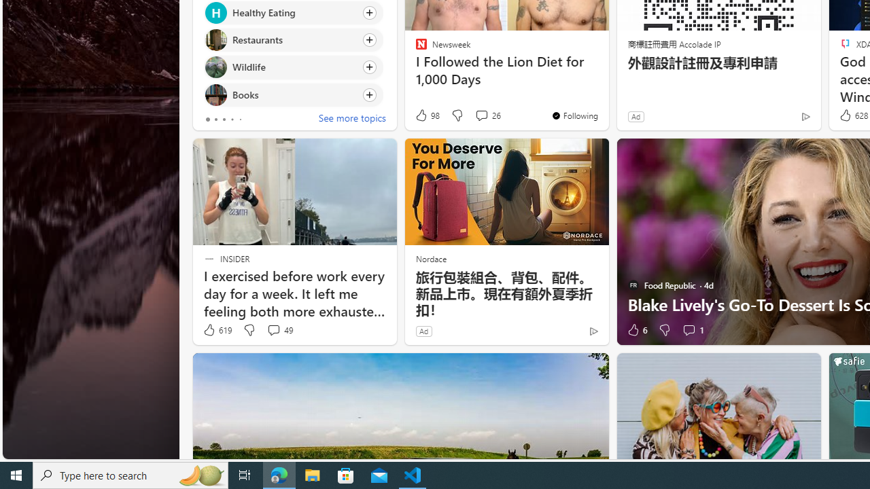 The image size is (870, 489). What do you see at coordinates (481, 114) in the screenshot?
I see `'View comments 26 Comment'` at bounding box center [481, 114].